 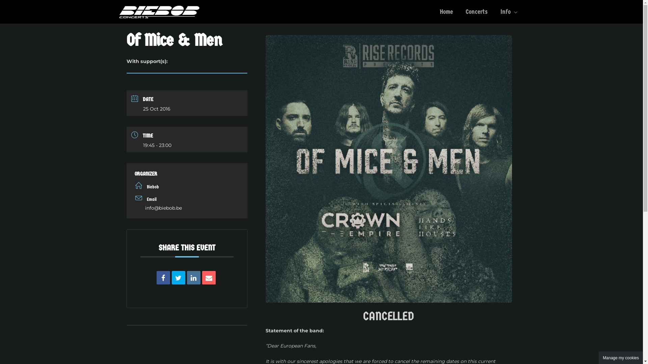 I want to click on 'Info', so click(x=509, y=11).